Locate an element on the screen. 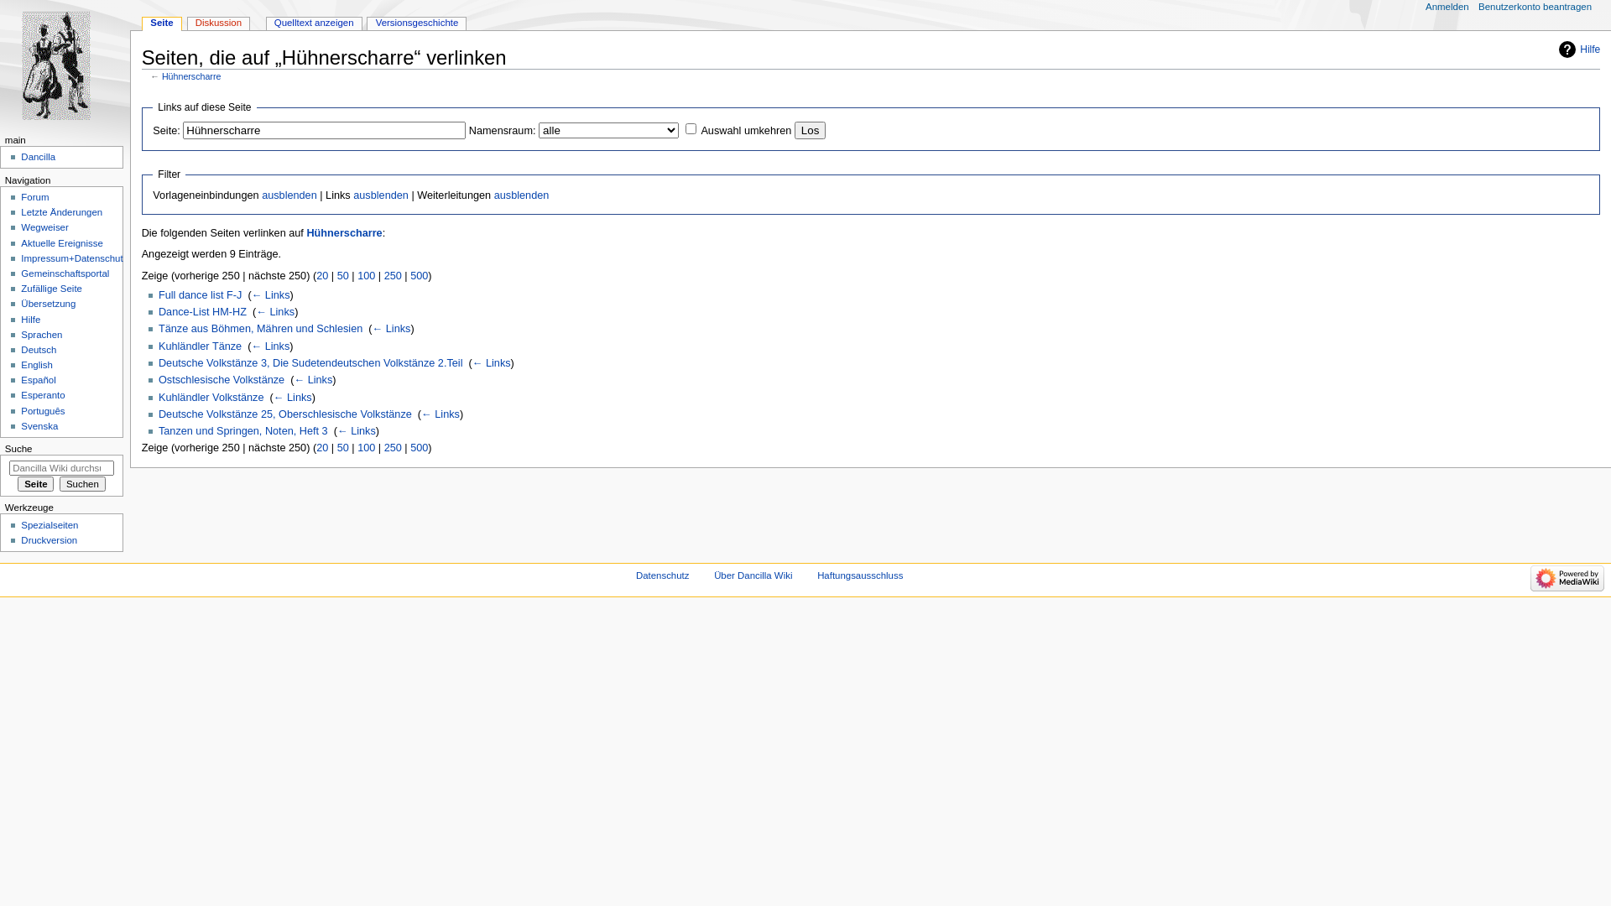  'English' is located at coordinates (36, 364).